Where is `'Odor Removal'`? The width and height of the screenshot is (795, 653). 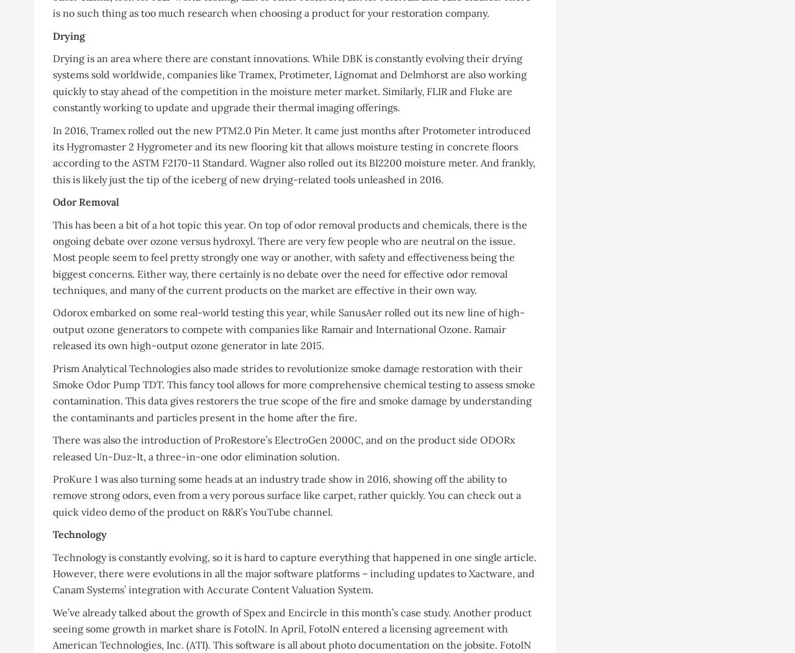
'Odor Removal' is located at coordinates (85, 201).